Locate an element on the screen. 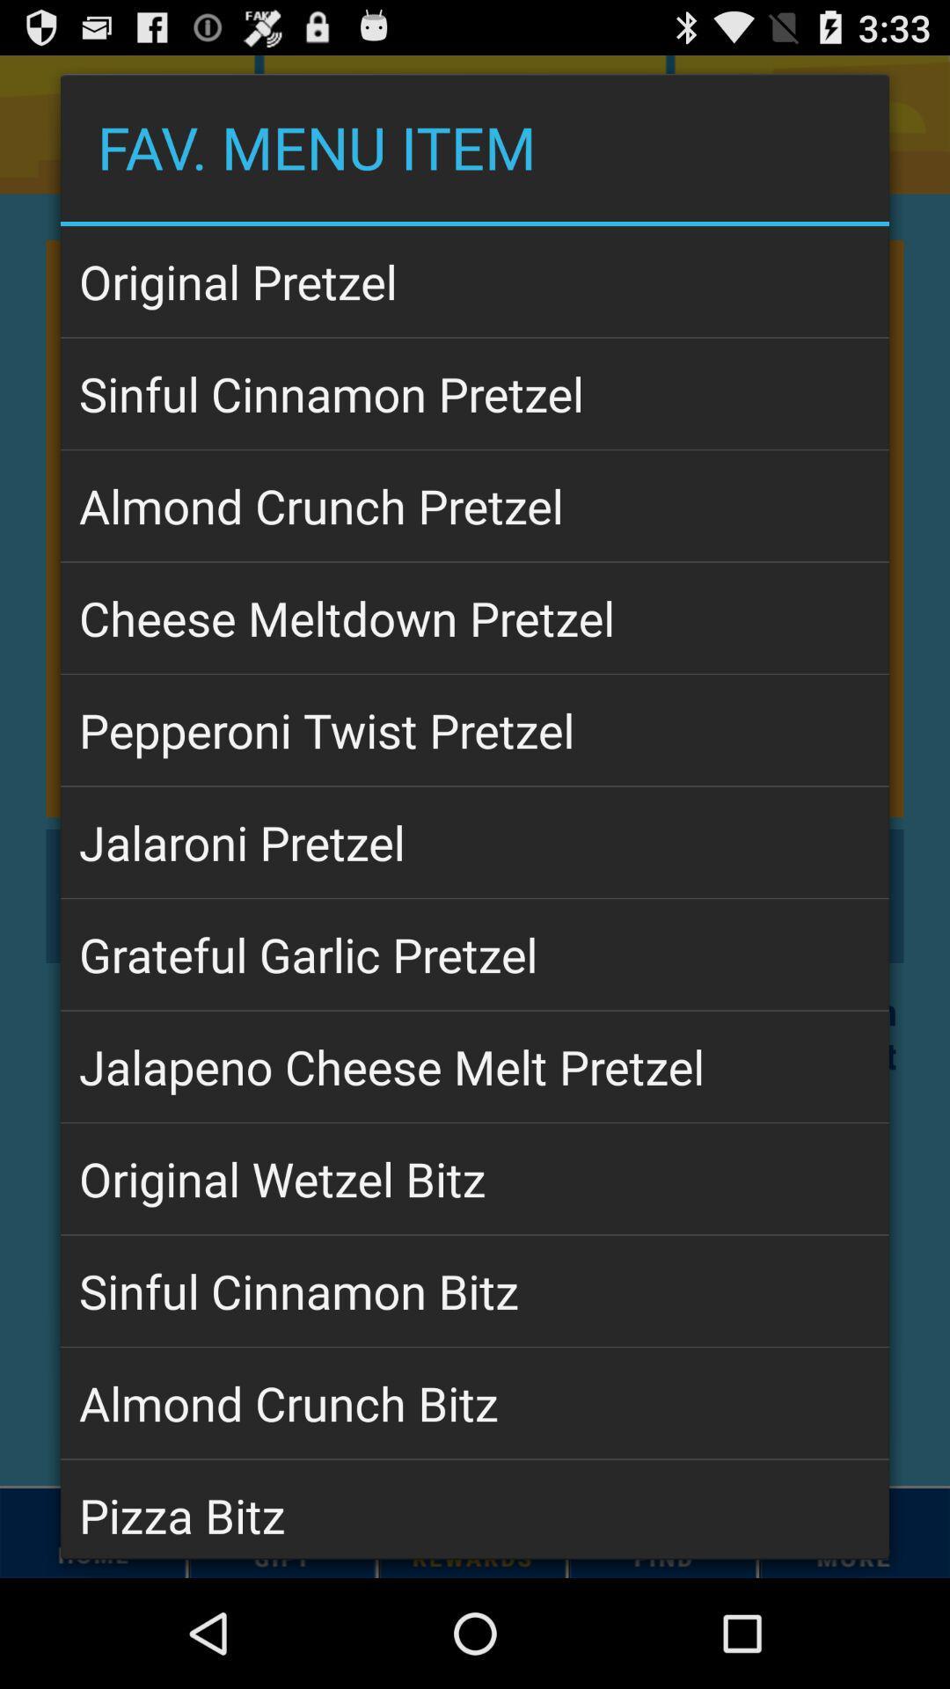 The image size is (950, 1689). the jalaroni pretzel app is located at coordinates (475, 841).